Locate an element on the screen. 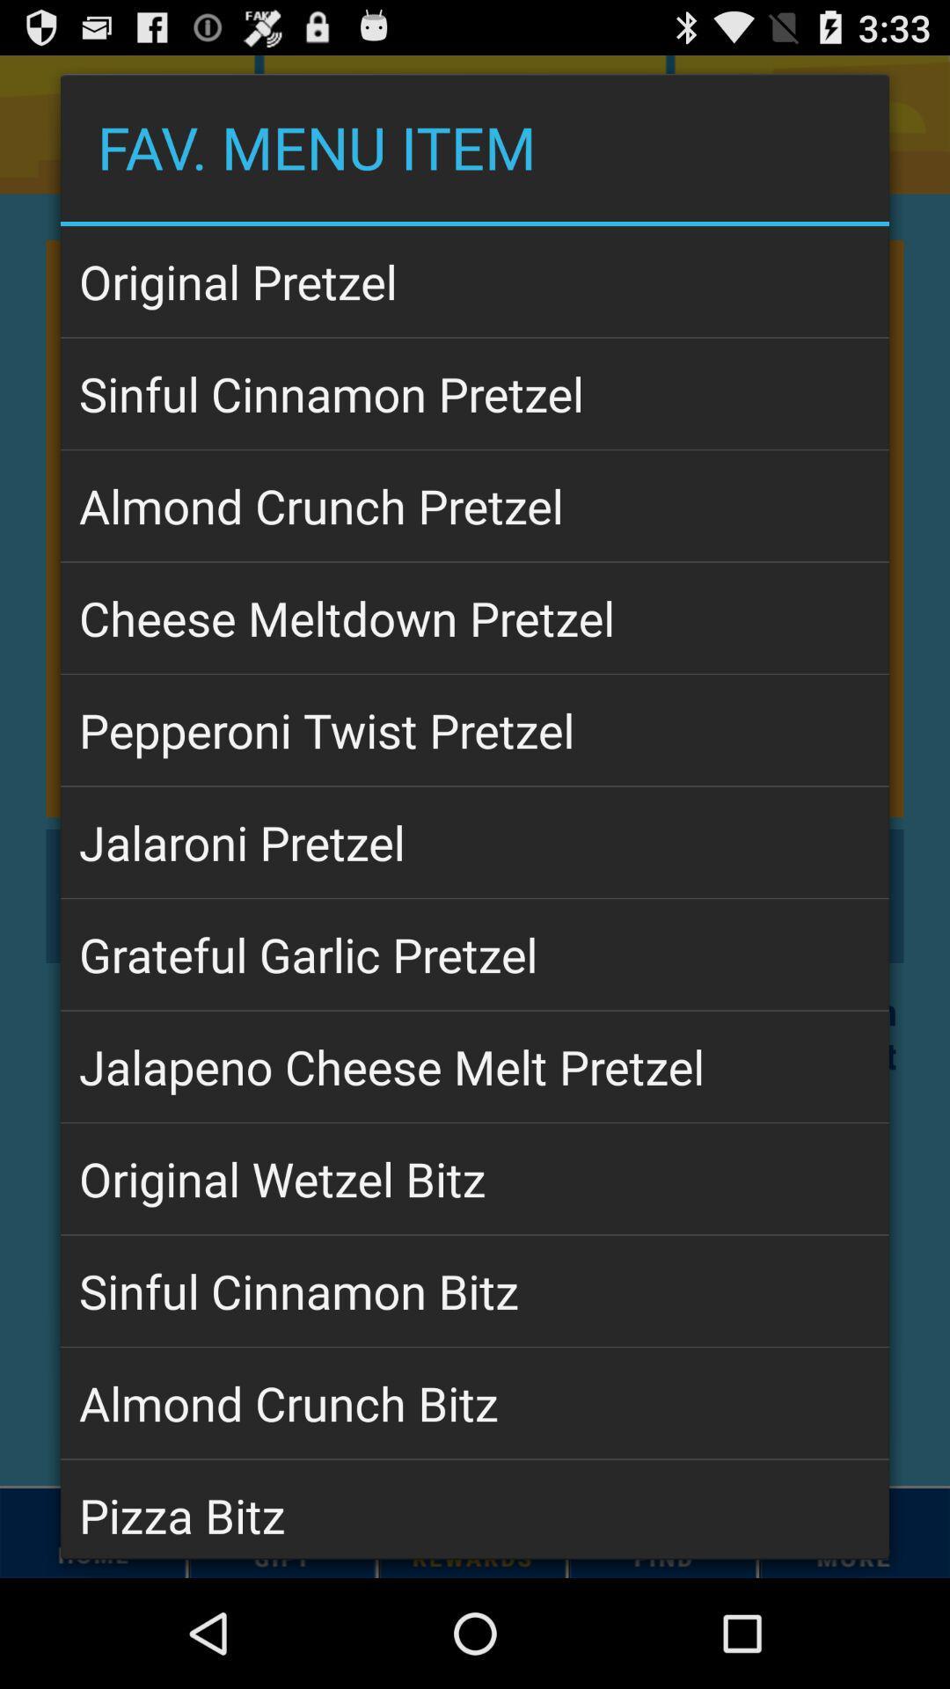 The image size is (950, 1689). the jalaroni pretzel app is located at coordinates (475, 841).